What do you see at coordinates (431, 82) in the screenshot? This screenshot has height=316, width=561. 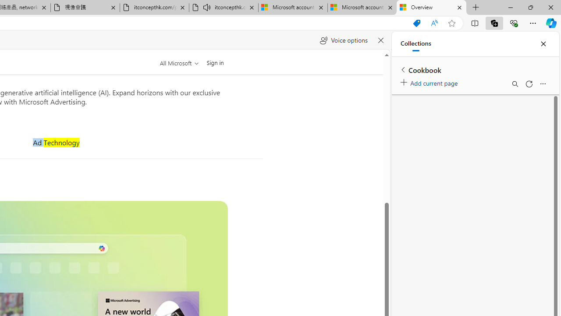 I see `'Add current page'` at bounding box center [431, 82].